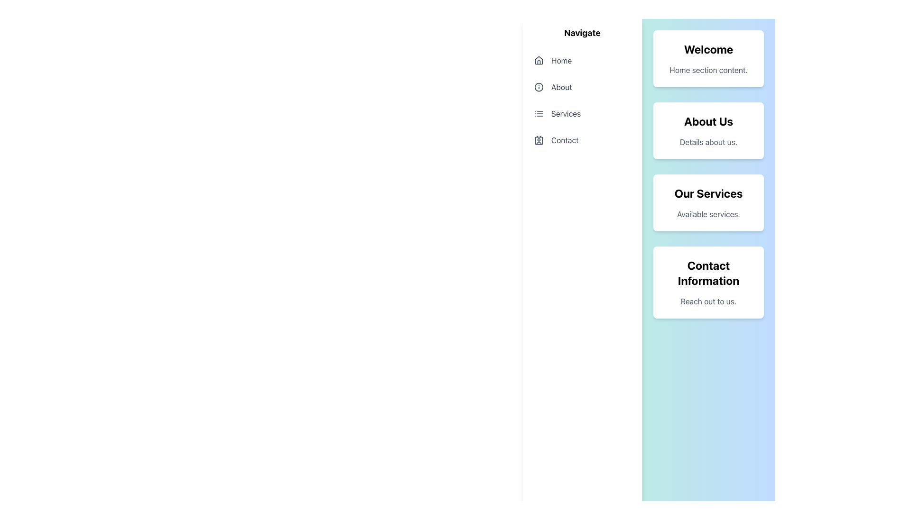 The image size is (911, 512). I want to click on the Content card displaying 'Our Services' with a white background and rounded corners, located as the third card in the main content panel, so click(708, 202).